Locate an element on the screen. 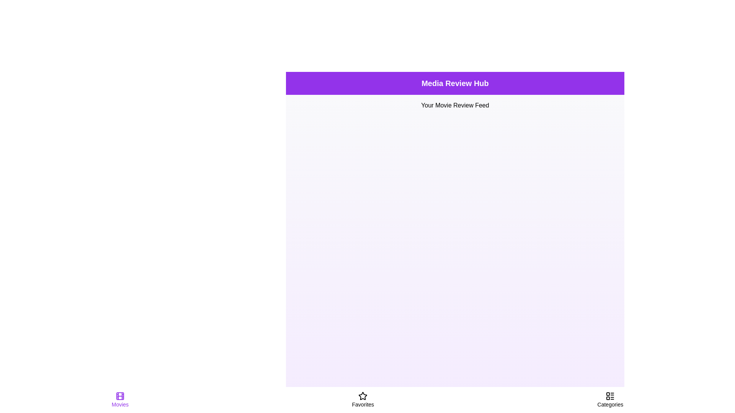 Image resolution: width=735 pixels, height=413 pixels. the star icon located above the 'Favorites' text in the navigation bar is located at coordinates (363, 396).